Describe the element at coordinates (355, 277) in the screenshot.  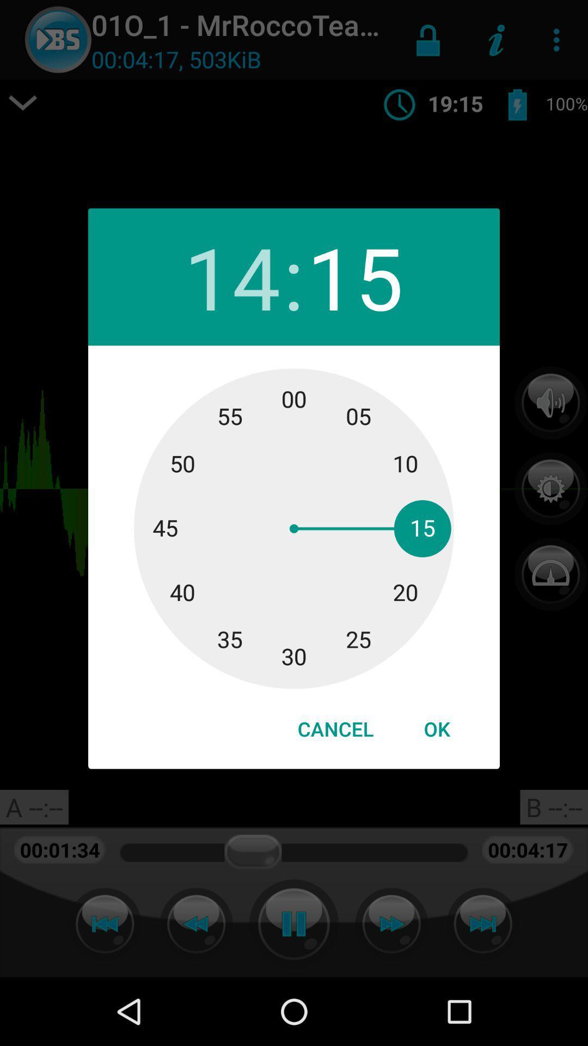
I see `the 15` at that location.